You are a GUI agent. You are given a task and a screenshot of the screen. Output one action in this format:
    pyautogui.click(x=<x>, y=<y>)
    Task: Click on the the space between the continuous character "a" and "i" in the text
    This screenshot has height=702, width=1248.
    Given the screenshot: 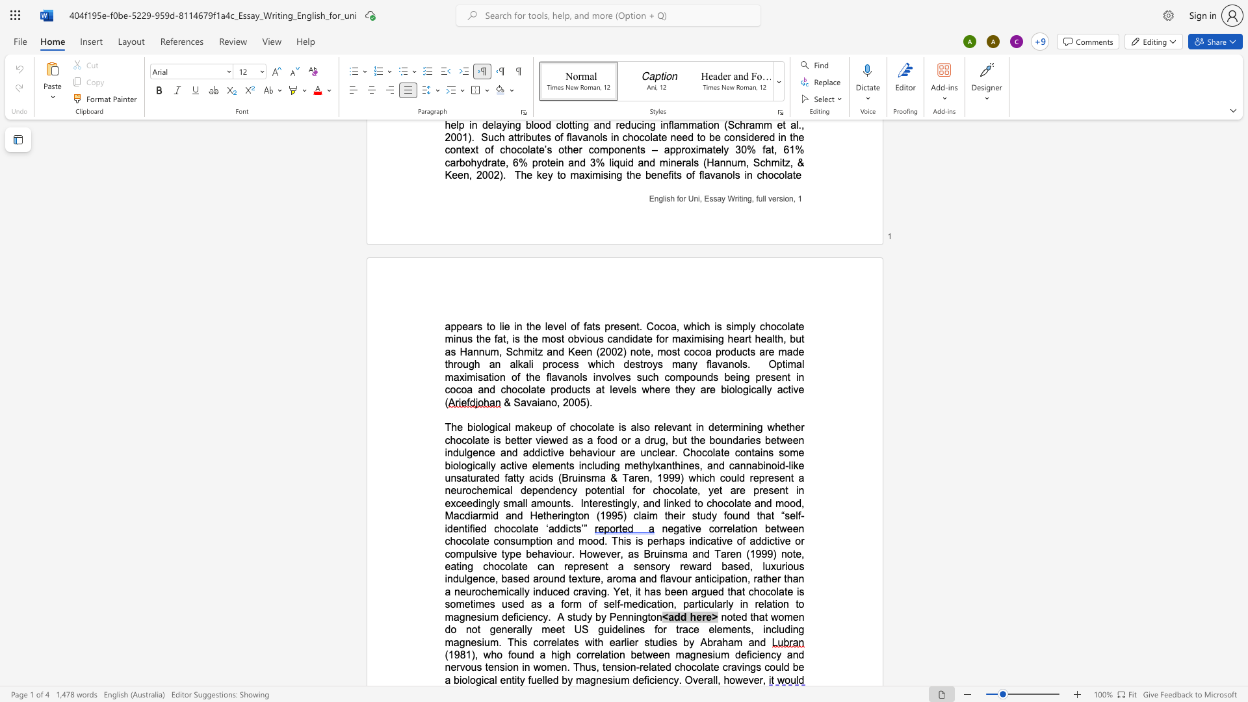 What is the action you would take?
    pyautogui.click(x=536, y=402)
    